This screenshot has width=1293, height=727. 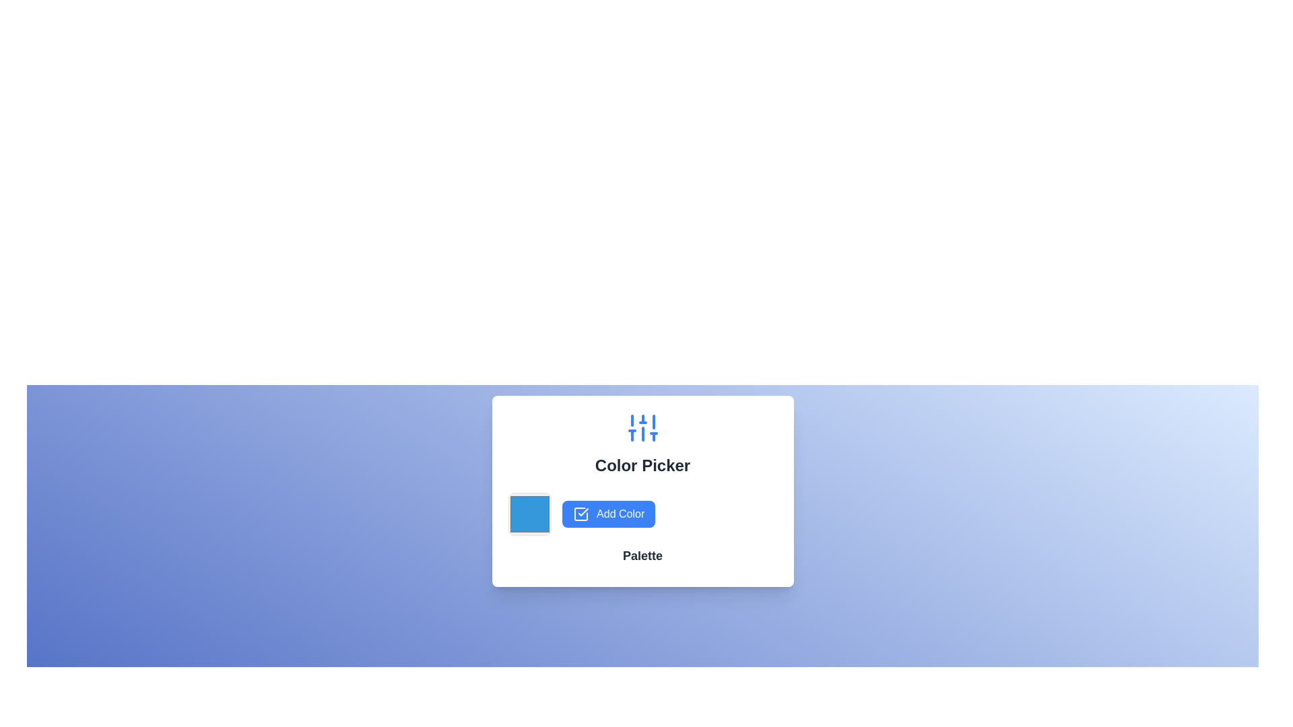 I want to click on the text label that serves as a title for the color selection section, located just below the vertical icon and above the 'Add Color' blue button, so click(x=642, y=464).